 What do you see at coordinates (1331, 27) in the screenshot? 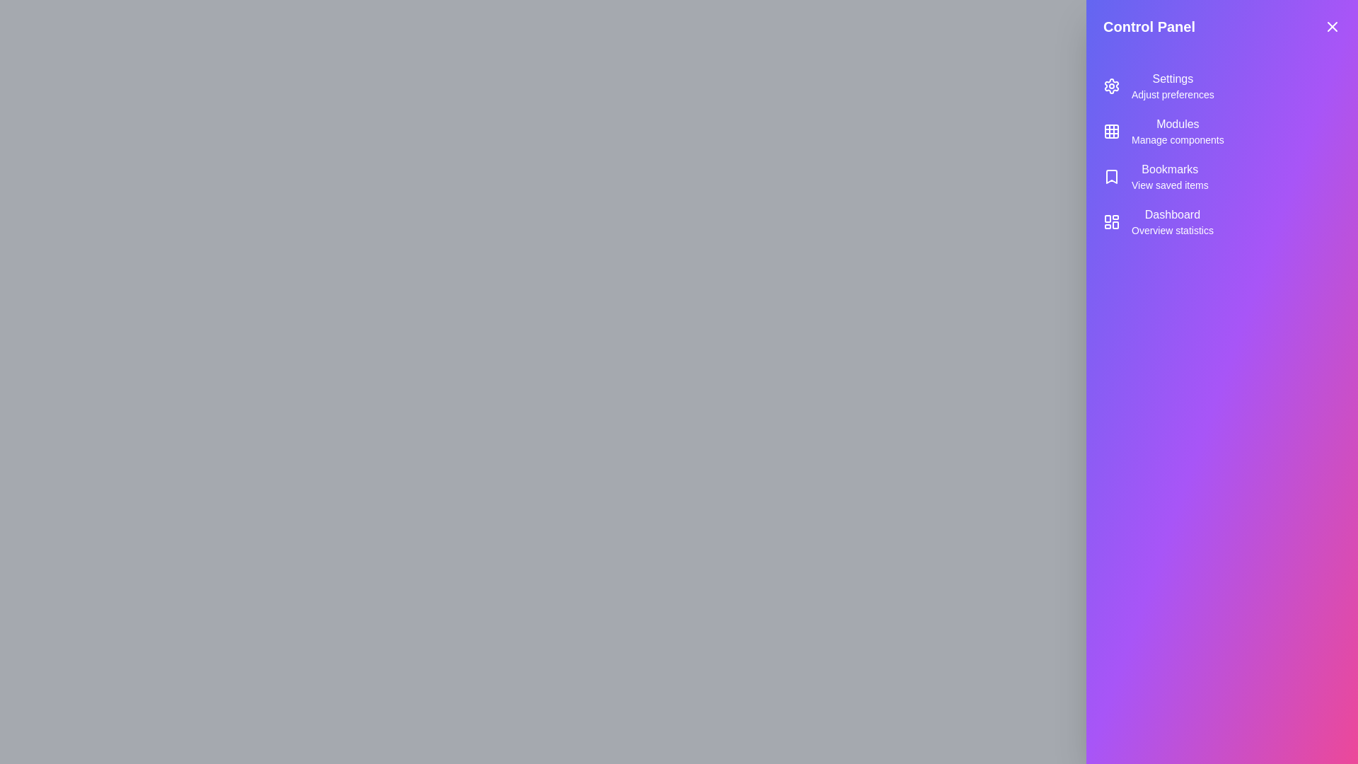
I see `the close button located at the top-right corner of the 'Control Panel'` at bounding box center [1331, 27].